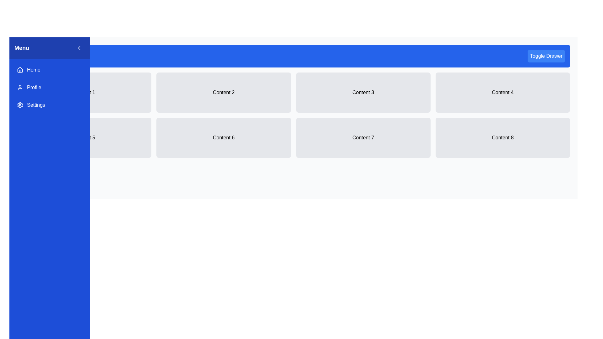 The image size is (603, 339). Describe the element at coordinates (503, 137) in the screenshot. I see `the box-like grid item displaying 'Content 8', located in the fourth column of the second row in a 4x2 grid layout` at that location.